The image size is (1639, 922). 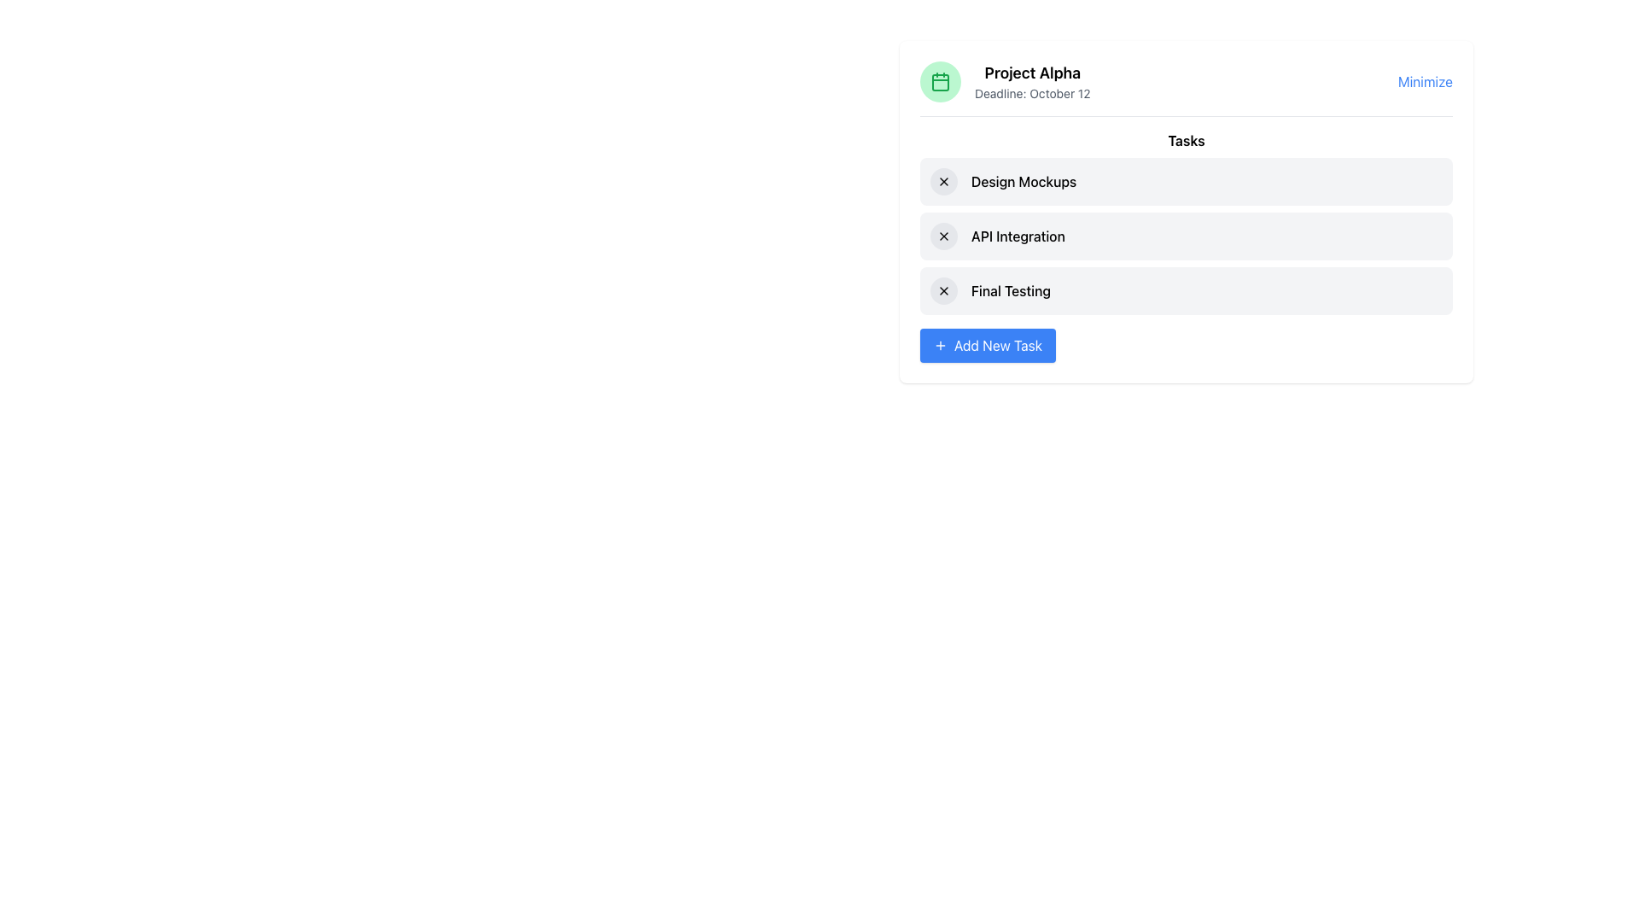 What do you see at coordinates (942, 236) in the screenshot?
I see `the circular gray button with an 'X' icon located in the second task row labeled 'API Integration'` at bounding box center [942, 236].